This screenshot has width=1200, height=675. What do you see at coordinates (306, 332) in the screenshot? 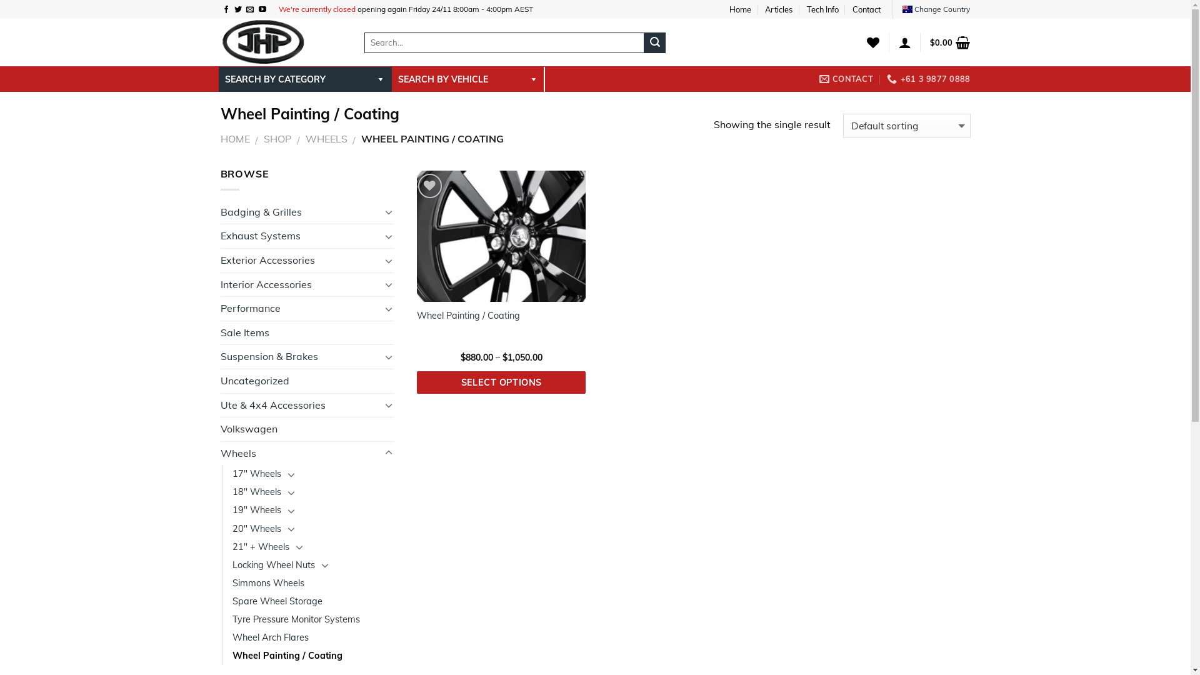
I see `'Sale Items'` at bounding box center [306, 332].